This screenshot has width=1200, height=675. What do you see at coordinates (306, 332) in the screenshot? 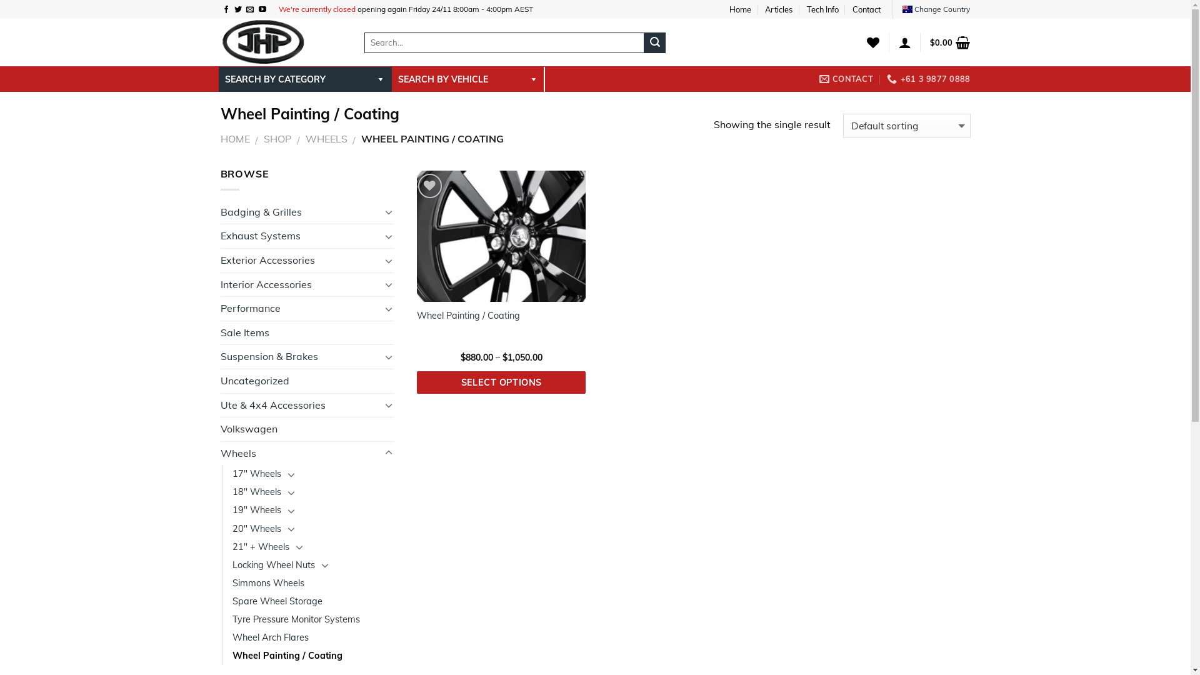
I see `'Sale Items'` at bounding box center [306, 332].